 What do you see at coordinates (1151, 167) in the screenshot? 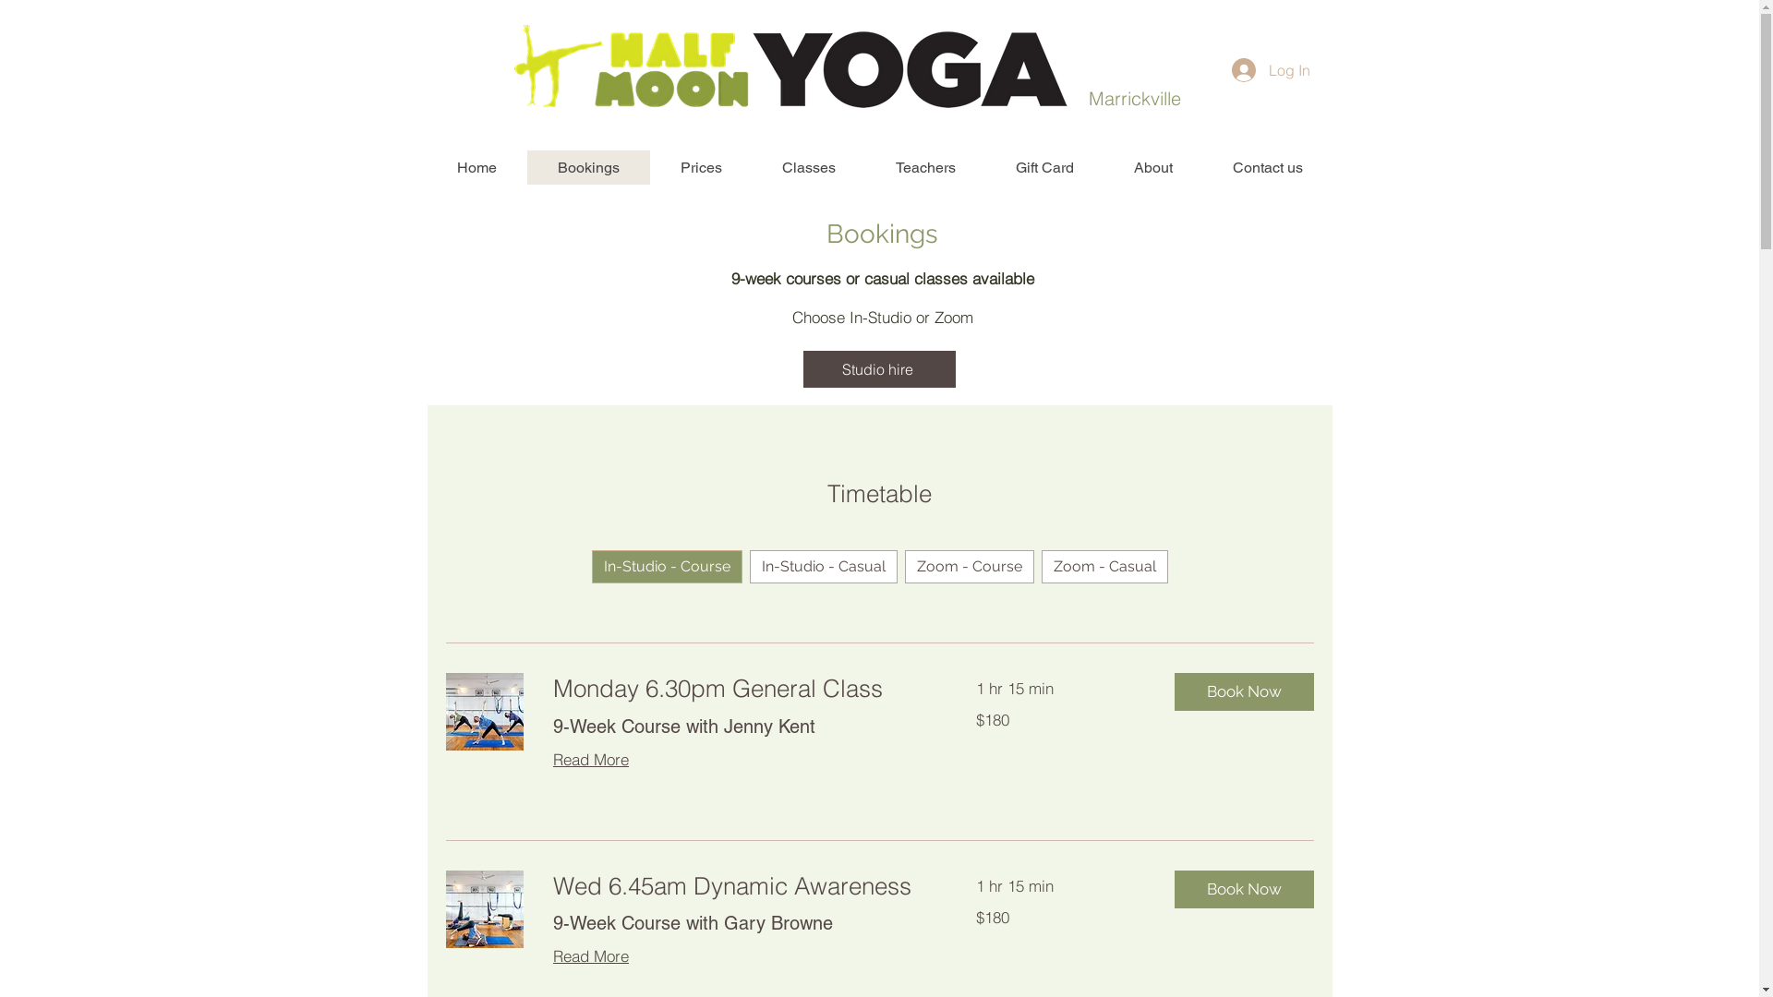
I see `'About'` at bounding box center [1151, 167].